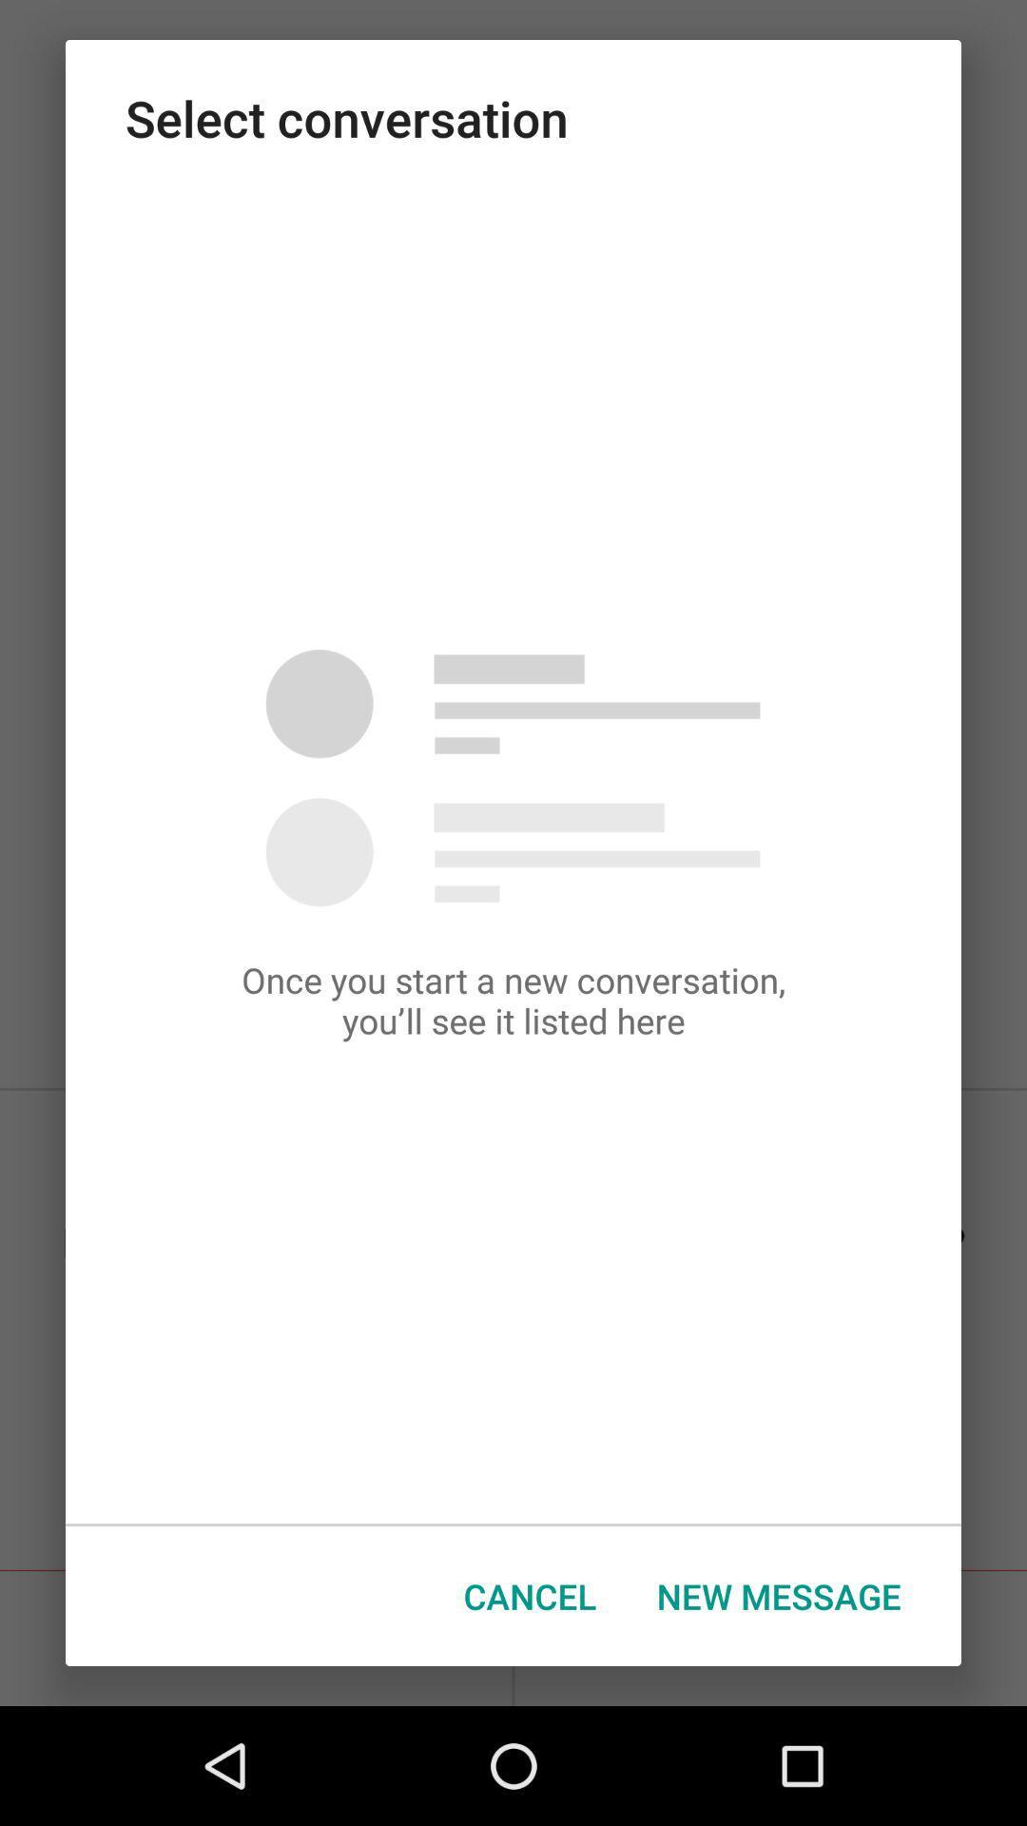 This screenshot has width=1027, height=1826. Describe the element at coordinates (530, 1596) in the screenshot. I see `item next to the new message item` at that location.